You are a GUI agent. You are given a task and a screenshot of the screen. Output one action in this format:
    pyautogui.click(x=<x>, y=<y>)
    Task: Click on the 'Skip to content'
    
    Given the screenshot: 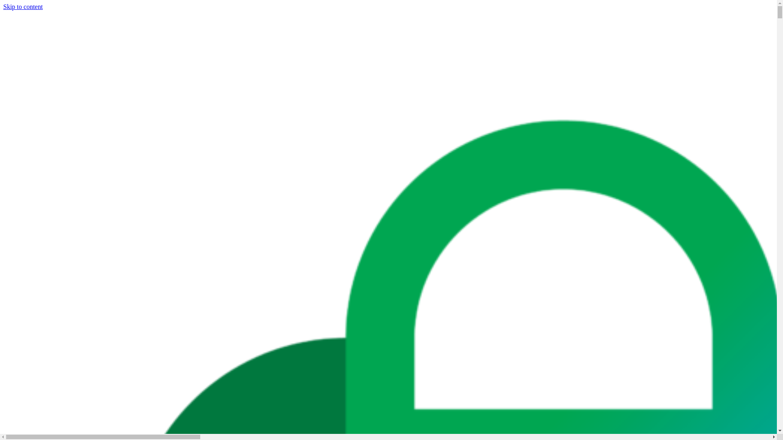 What is the action you would take?
    pyautogui.click(x=23, y=7)
    